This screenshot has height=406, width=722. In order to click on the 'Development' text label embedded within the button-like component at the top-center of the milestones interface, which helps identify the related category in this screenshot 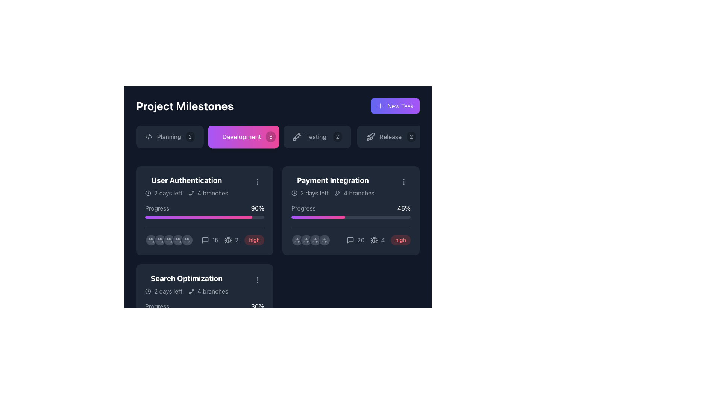, I will do `click(241, 136)`.